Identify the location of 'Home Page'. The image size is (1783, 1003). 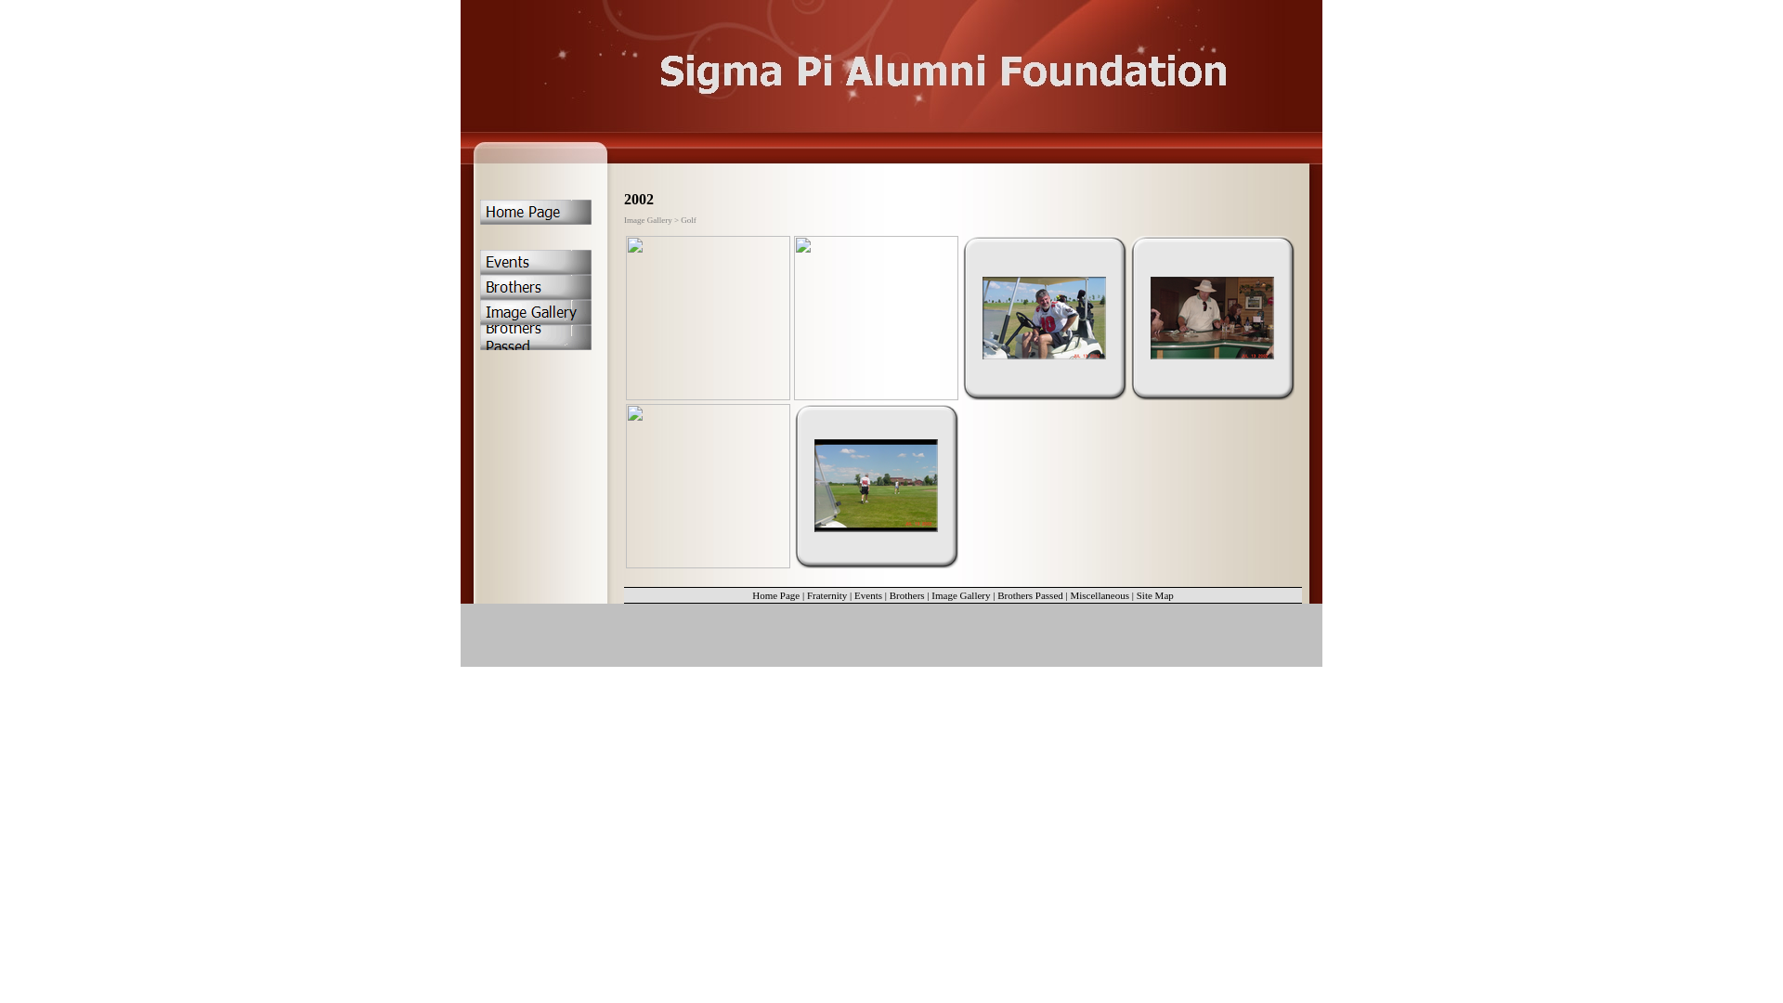
(775, 594).